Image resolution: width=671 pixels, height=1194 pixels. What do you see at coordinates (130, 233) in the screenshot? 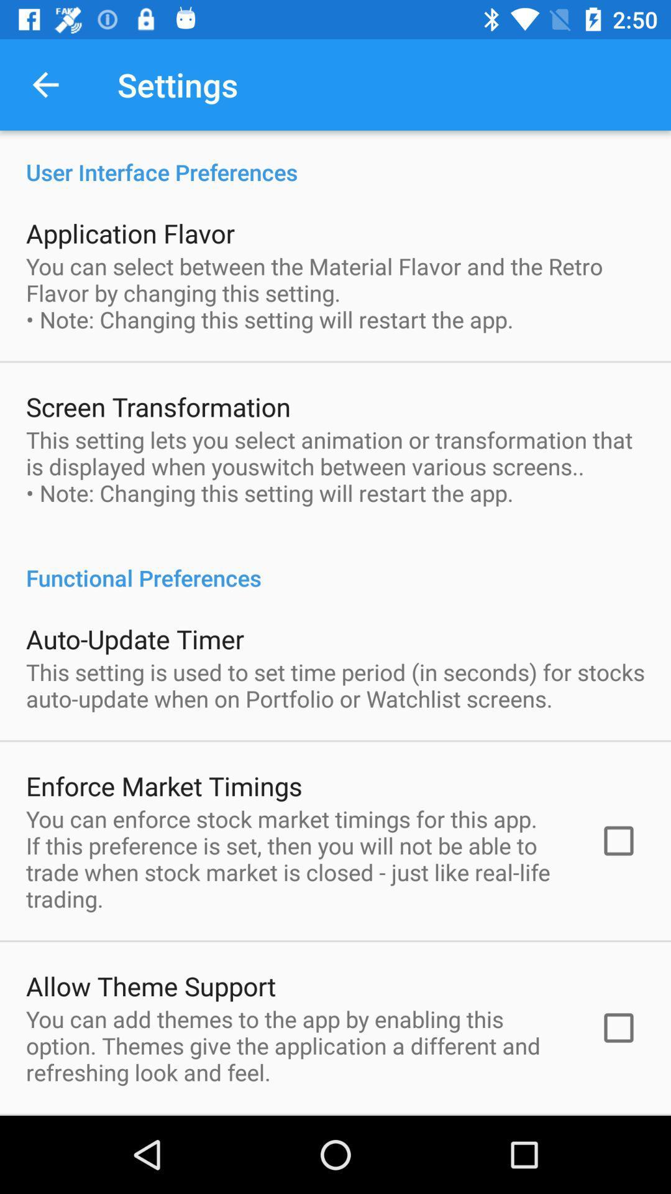
I see `application flavor icon` at bounding box center [130, 233].